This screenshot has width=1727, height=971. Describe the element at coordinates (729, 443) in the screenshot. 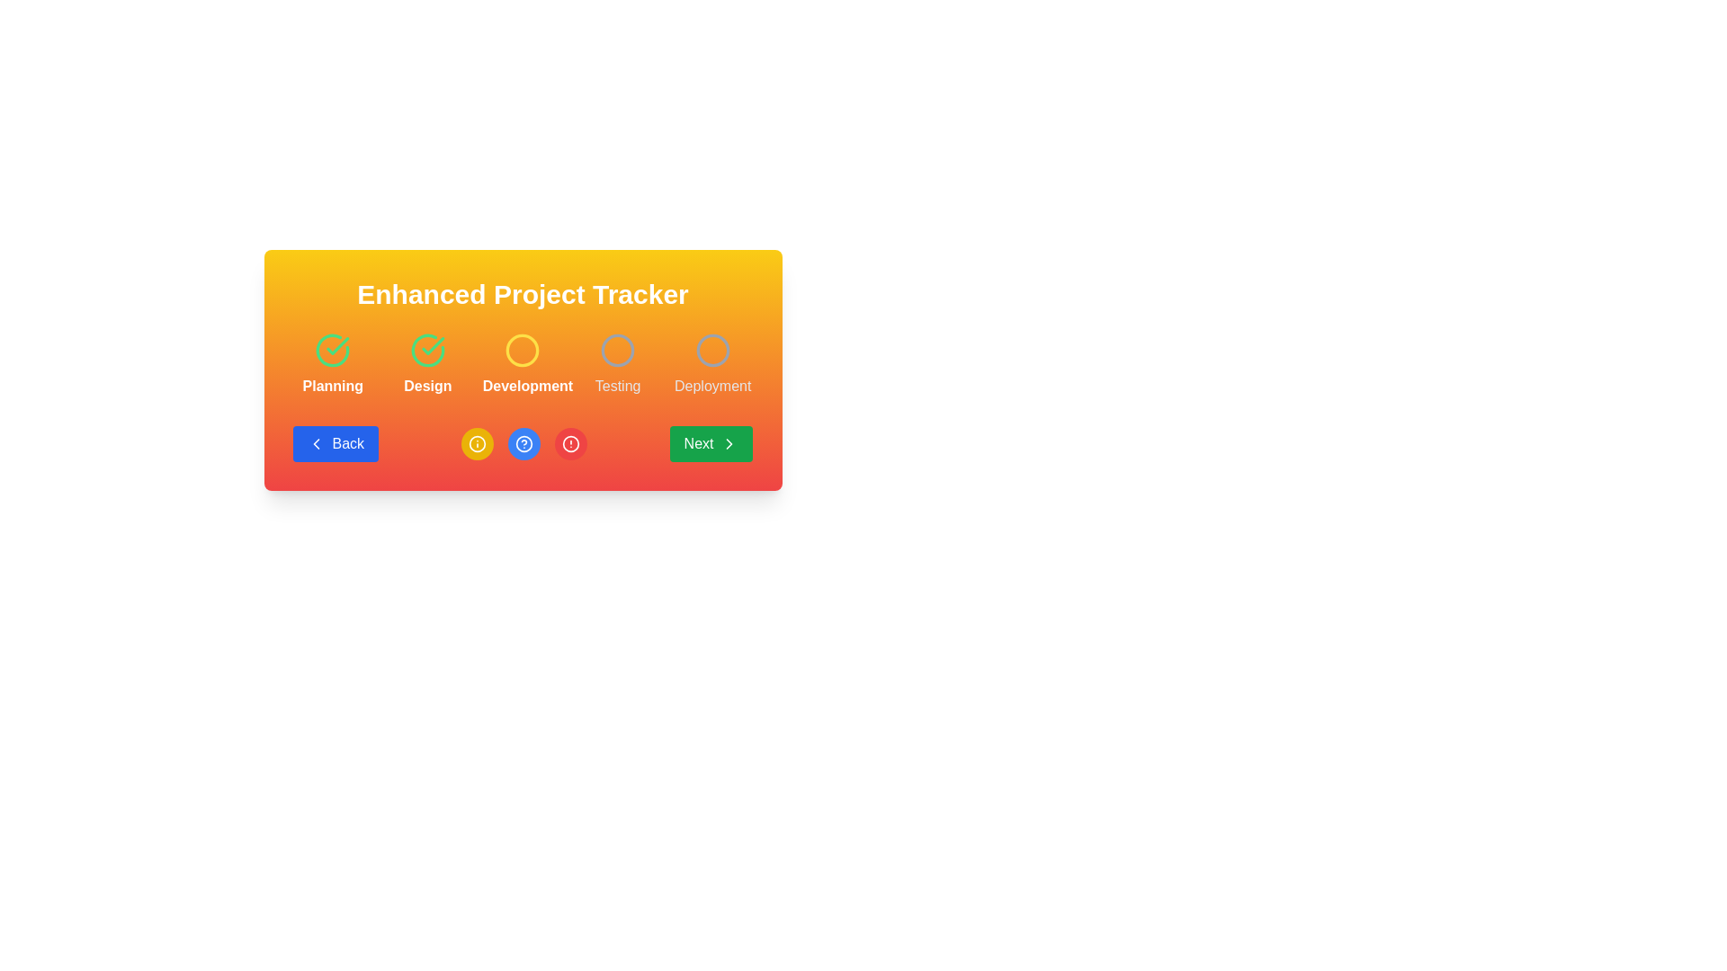

I see `the directional indicator icon located within the green rounded button labeled 'Next' at the bottom-right corner of the card` at that location.